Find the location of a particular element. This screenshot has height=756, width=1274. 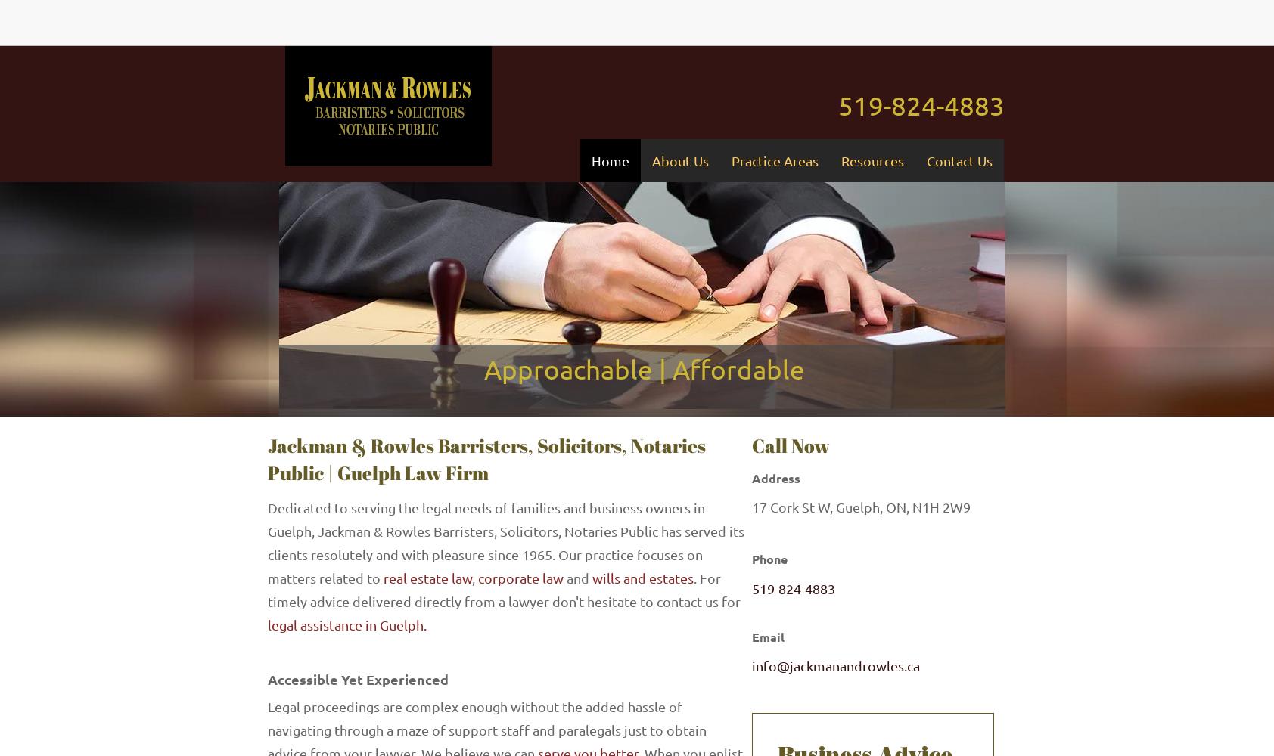

'wills and estates' is located at coordinates (641, 578).